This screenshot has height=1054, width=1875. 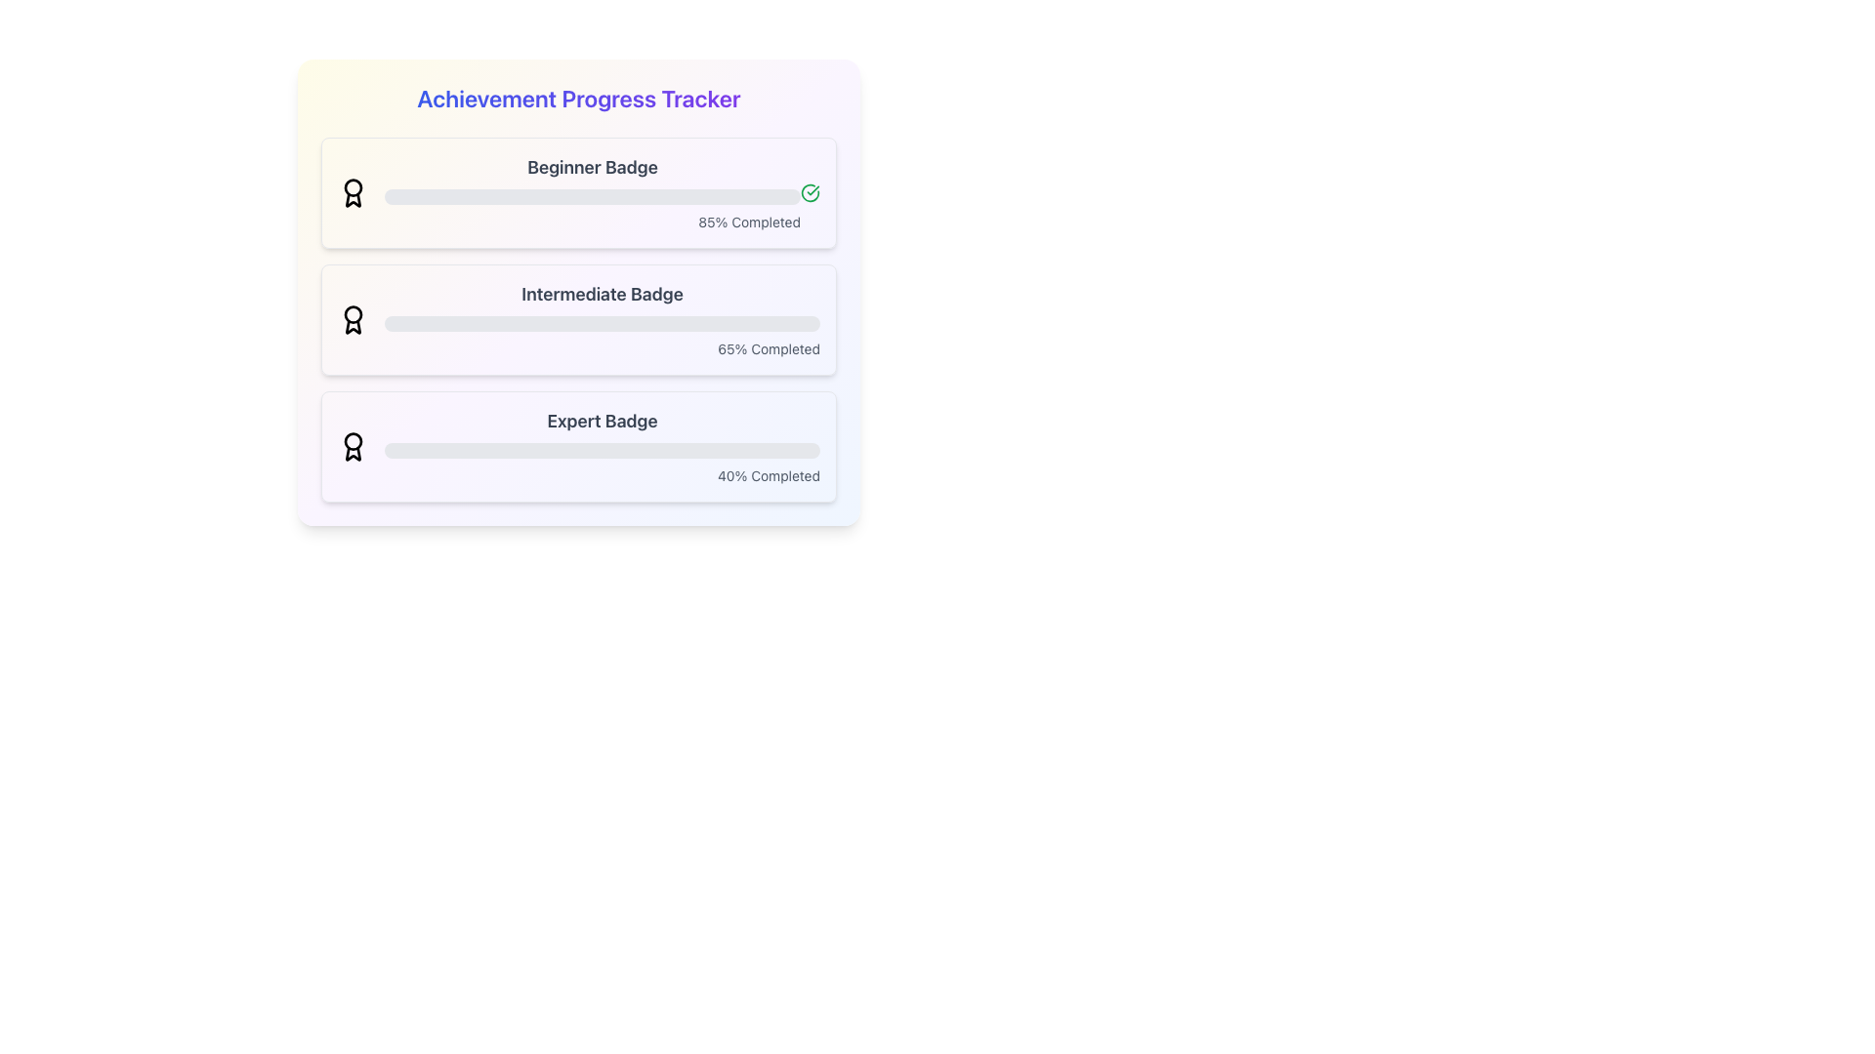 What do you see at coordinates (525, 322) in the screenshot?
I see `the Progress Indicator representing 65% completion for the 'Intermediate Badge' achievement, located within the central section of the badge progress trackers` at bounding box center [525, 322].